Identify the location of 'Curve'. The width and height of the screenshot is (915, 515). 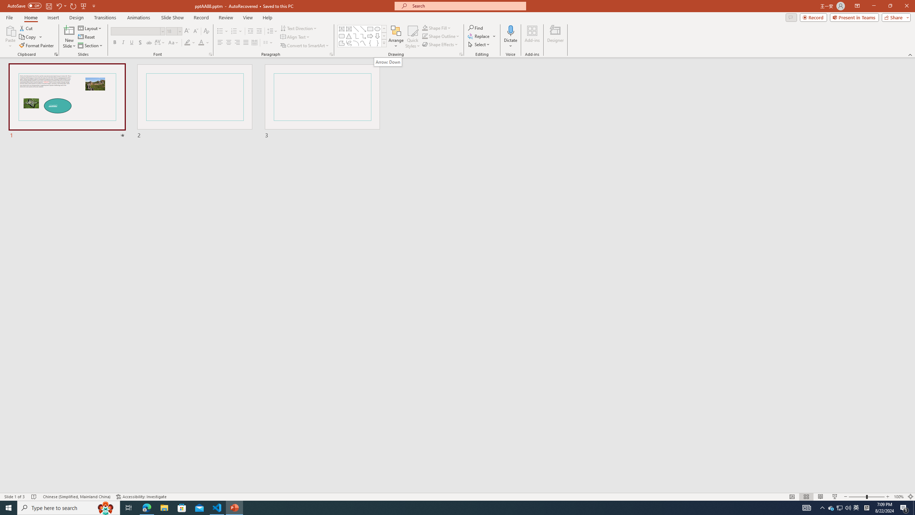
(363, 43).